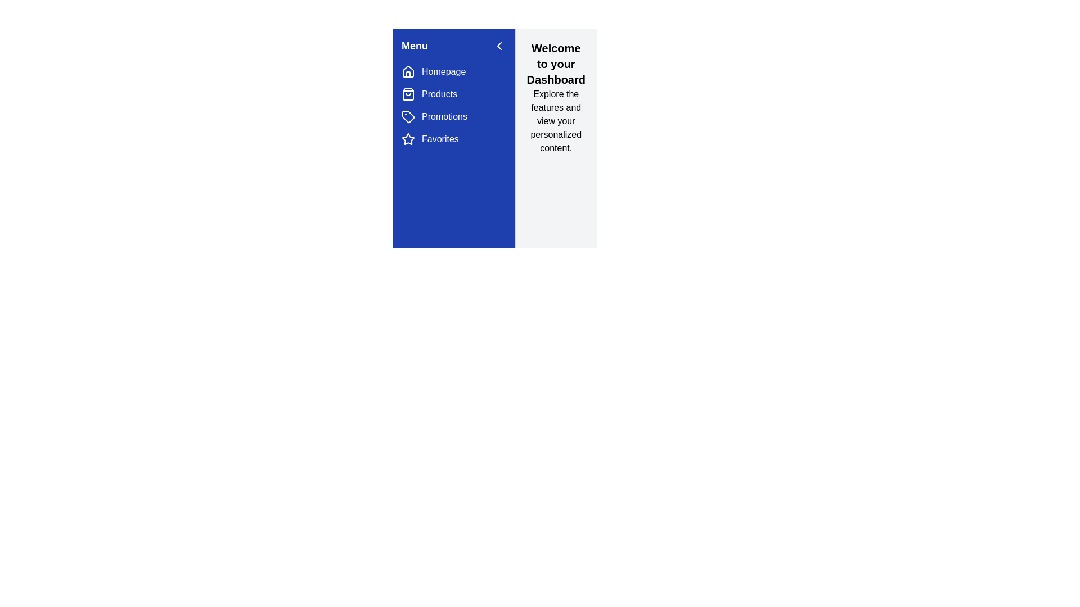 The width and height of the screenshot is (1080, 607). I want to click on the navigation menu item corresponding to Favorites, so click(407, 138).